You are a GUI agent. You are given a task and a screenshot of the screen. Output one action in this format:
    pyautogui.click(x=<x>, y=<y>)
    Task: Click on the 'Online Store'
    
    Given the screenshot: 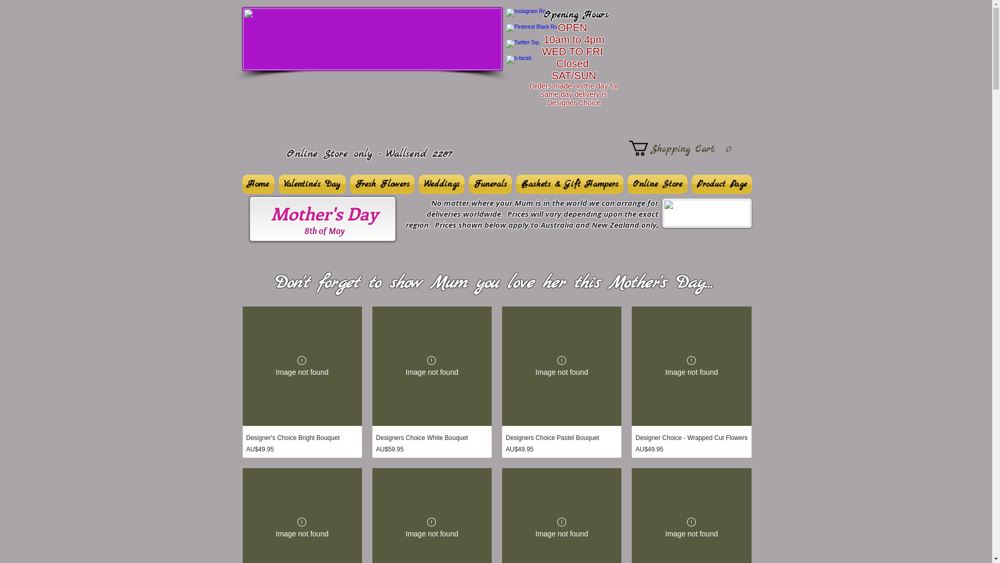 What is the action you would take?
    pyautogui.click(x=656, y=183)
    